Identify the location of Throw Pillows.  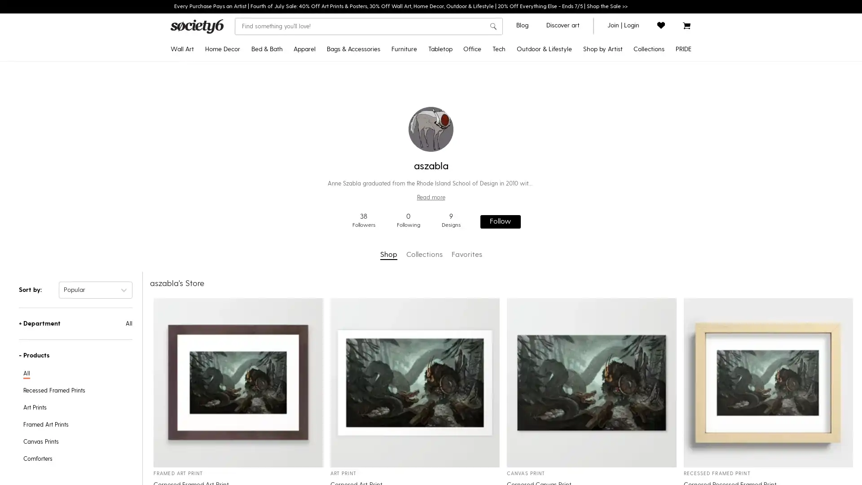
(239, 86).